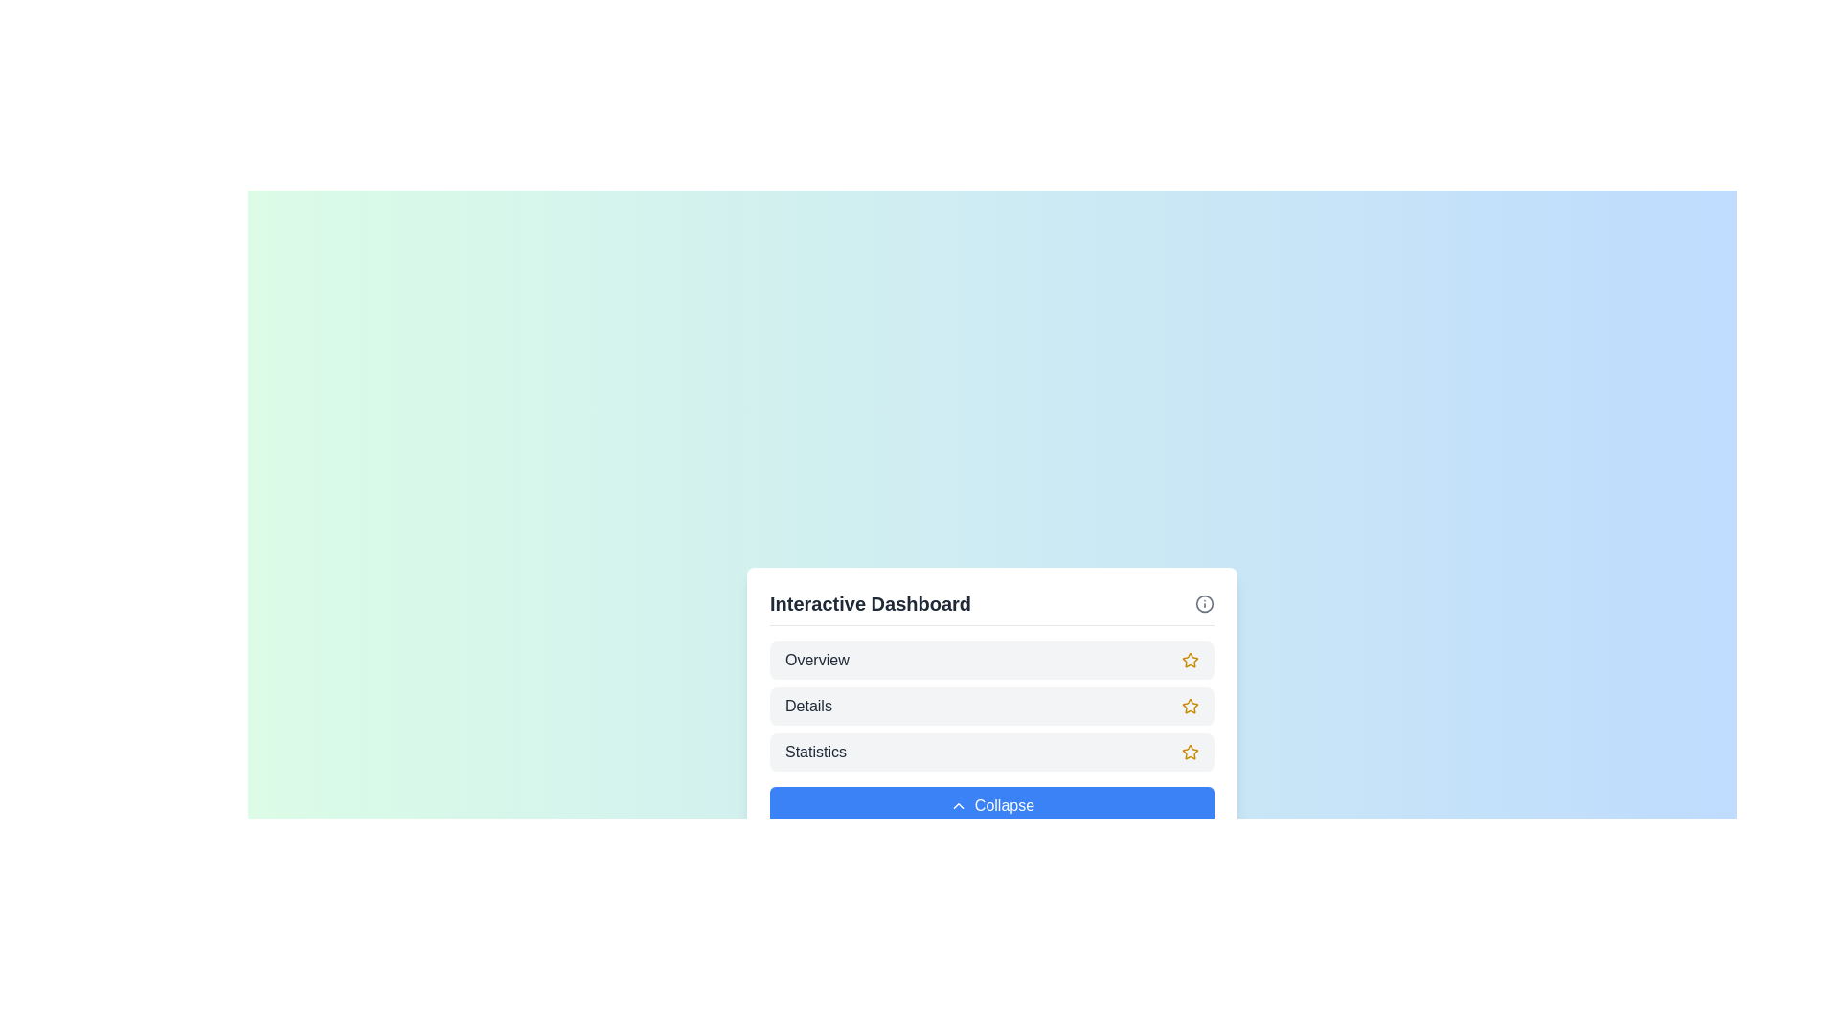 This screenshot has height=1034, width=1839. I want to click on the 'Statistics' button-like interactive element, which is the third item in the list on the 'Interactive Dashboard', so click(992, 751).